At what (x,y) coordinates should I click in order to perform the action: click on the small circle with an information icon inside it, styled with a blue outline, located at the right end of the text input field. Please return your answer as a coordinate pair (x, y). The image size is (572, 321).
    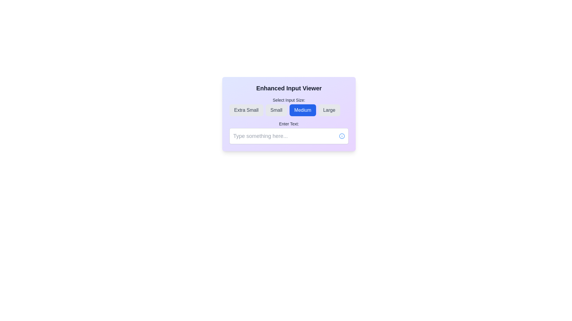
    Looking at the image, I should click on (342, 136).